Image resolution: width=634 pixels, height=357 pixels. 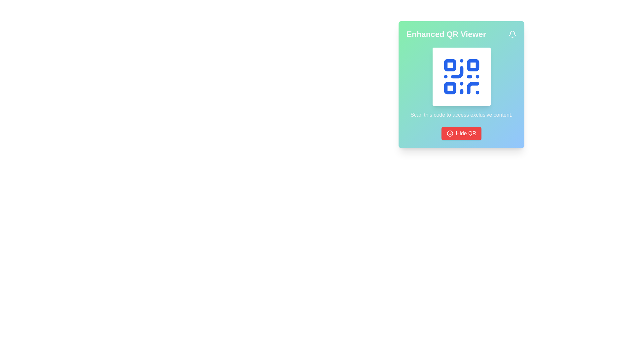 I want to click on the Decorative QR-display component featuring a QR code icon and the text 'Scan this code, so click(x=461, y=83).